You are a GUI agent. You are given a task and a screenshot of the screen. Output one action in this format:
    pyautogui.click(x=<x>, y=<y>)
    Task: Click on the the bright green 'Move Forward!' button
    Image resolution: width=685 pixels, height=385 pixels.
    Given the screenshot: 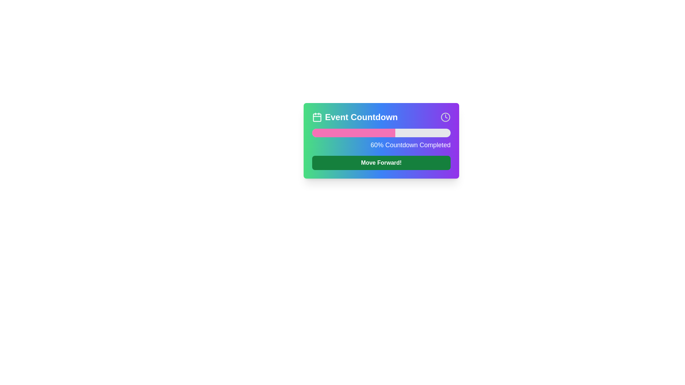 What is the action you would take?
    pyautogui.click(x=381, y=163)
    